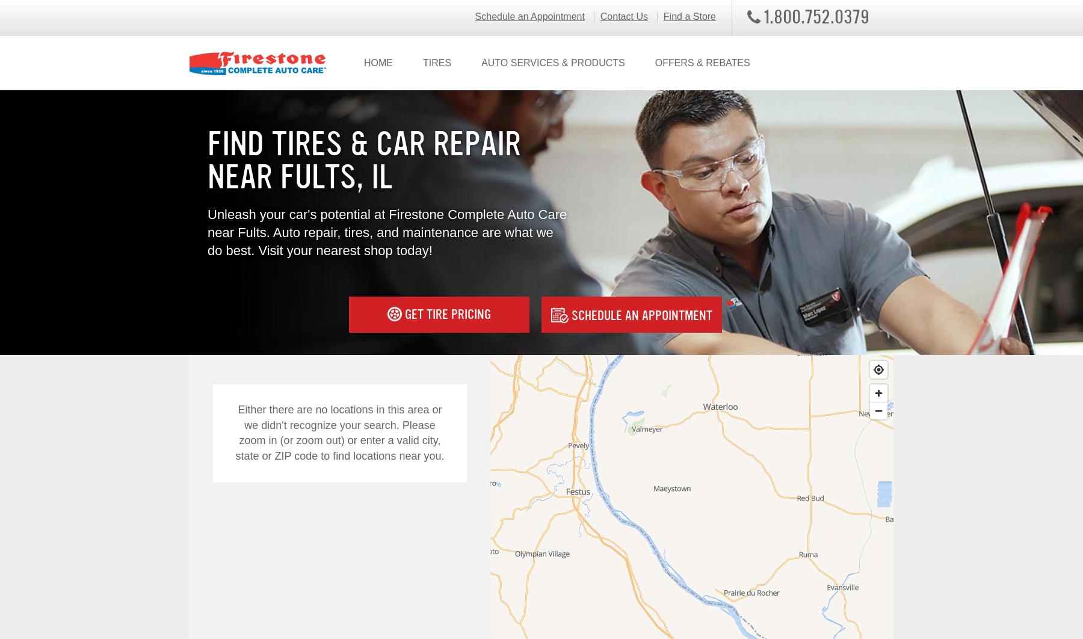 The image size is (1083, 639). I want to click on 'Get Tire Pricing', so click(445, 313).